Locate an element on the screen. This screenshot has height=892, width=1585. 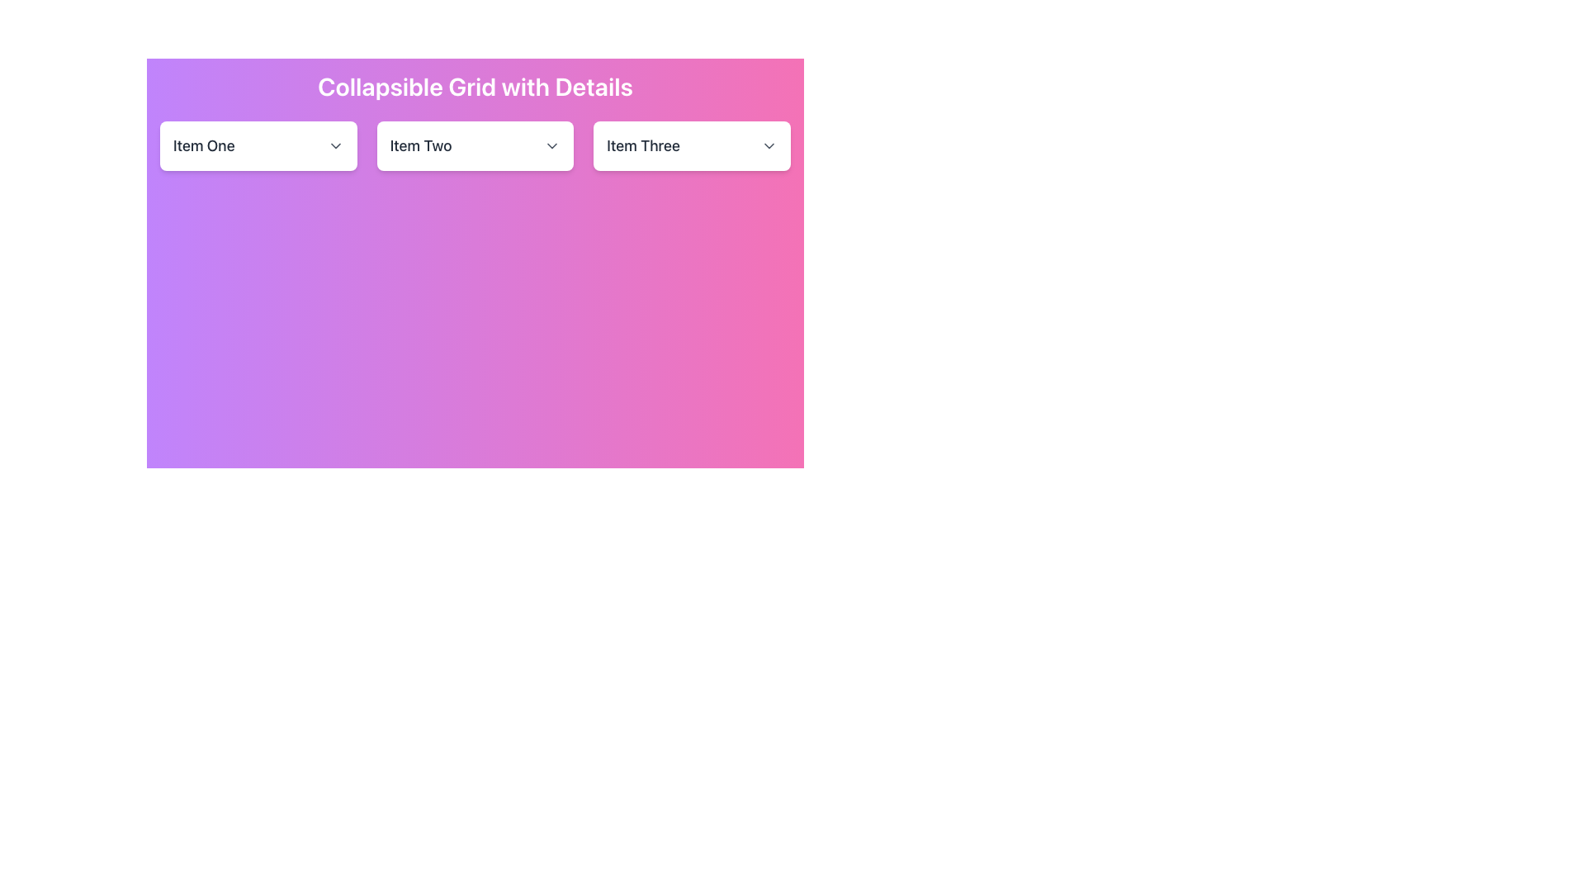
the Dropdown Menu Item labeled 'Item One' is located at coordinates (258, 145).